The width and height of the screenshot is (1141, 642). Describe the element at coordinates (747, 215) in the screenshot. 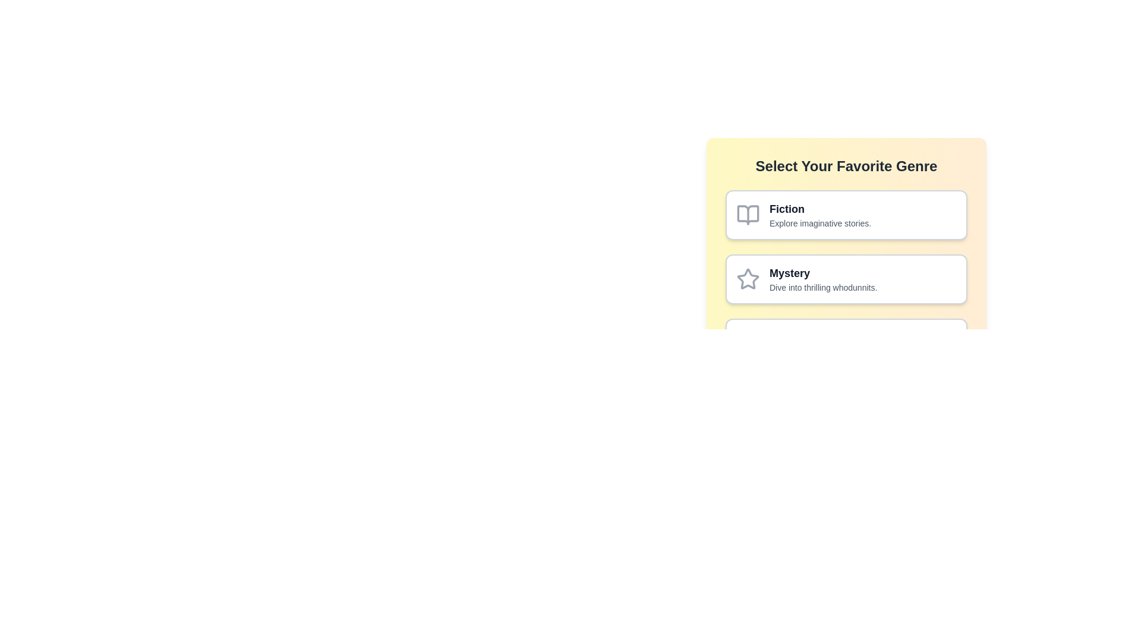

I see `the Decorative Icon representing the 'Fiction' category, which is positioned to the left of the label 'Fiction'` at that location.